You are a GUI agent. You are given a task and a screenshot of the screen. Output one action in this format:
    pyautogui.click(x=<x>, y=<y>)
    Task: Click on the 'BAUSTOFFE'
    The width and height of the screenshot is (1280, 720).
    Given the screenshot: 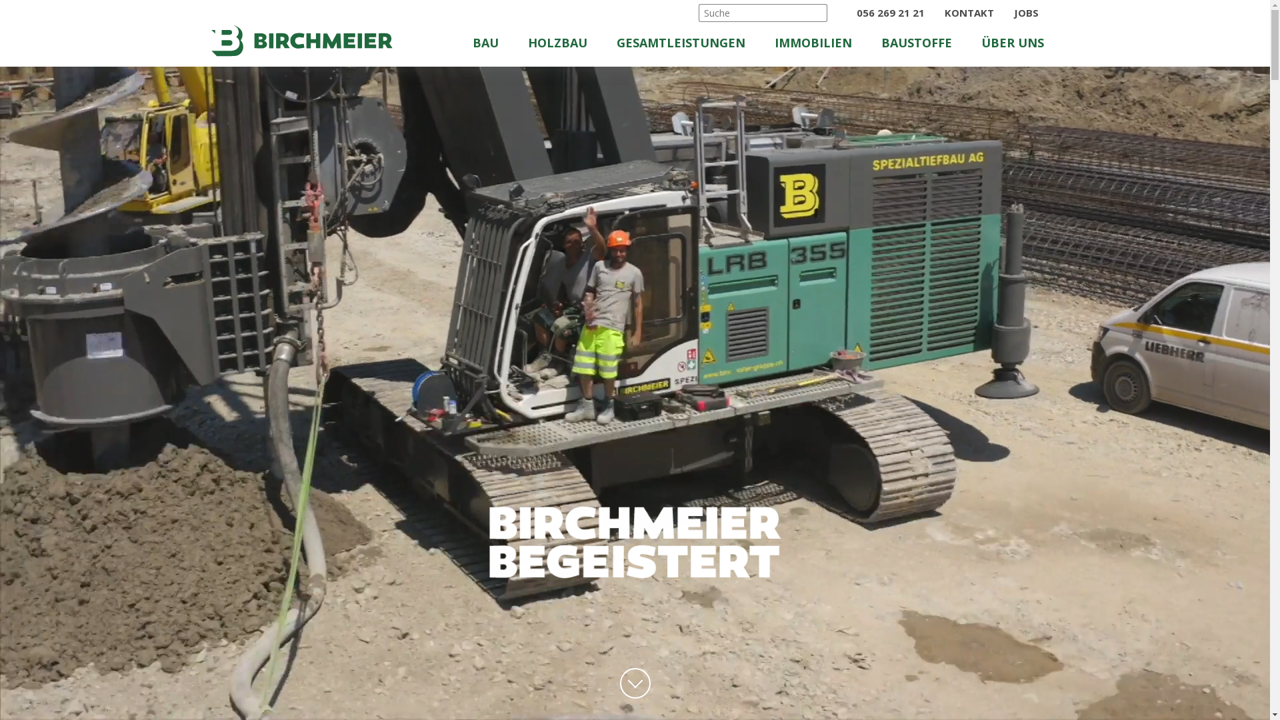 What is the action you would take?
    pyautogui.click(x=918, y=45)
    